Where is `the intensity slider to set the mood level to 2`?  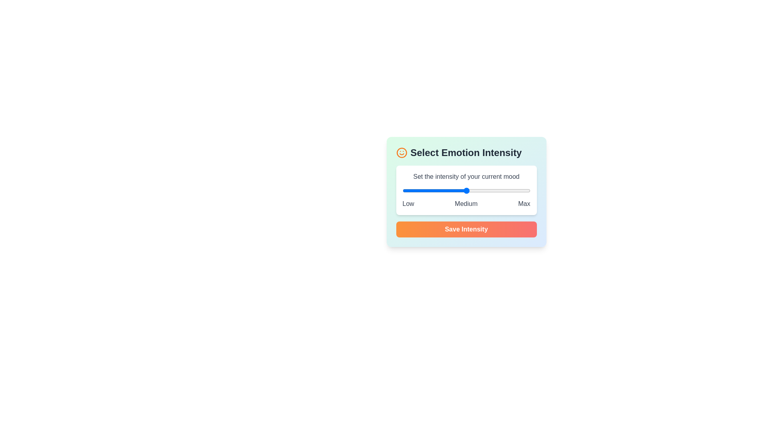 the intensity slider to set the mood level to 2 is located at coordinates (434, 191).